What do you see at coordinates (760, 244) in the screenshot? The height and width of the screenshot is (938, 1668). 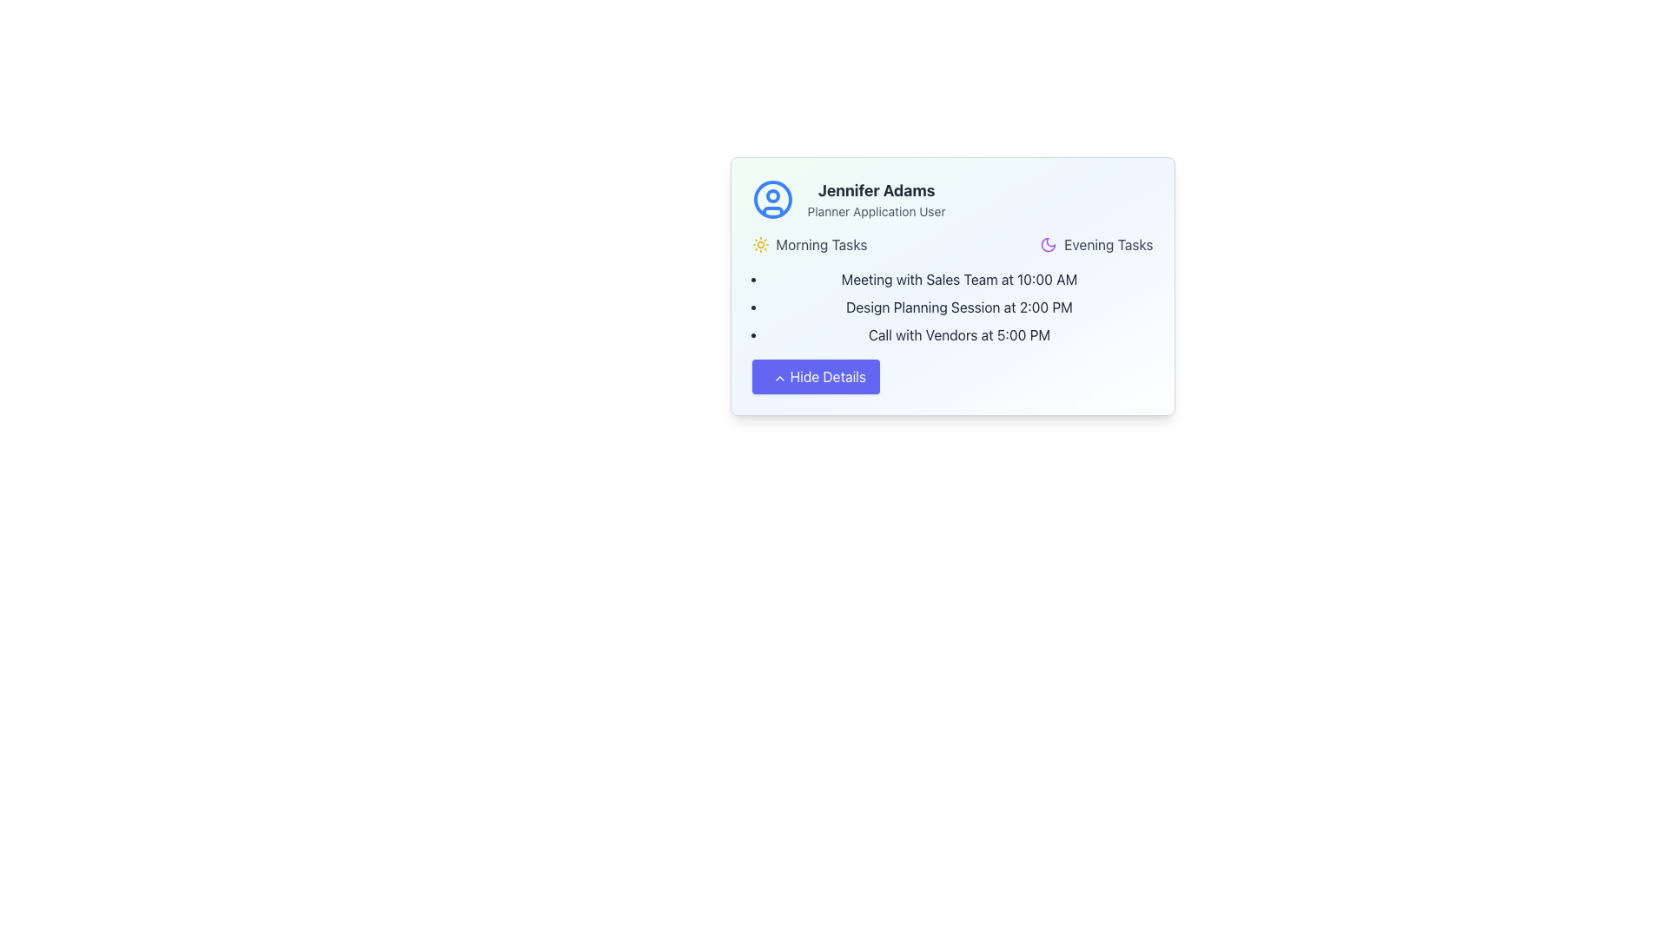 I see `the sun icon located in the 'Morning Tasks' header area, which is the first visual component to the left of the 'Morning Tasks' text` at bounding box center [760, 244].